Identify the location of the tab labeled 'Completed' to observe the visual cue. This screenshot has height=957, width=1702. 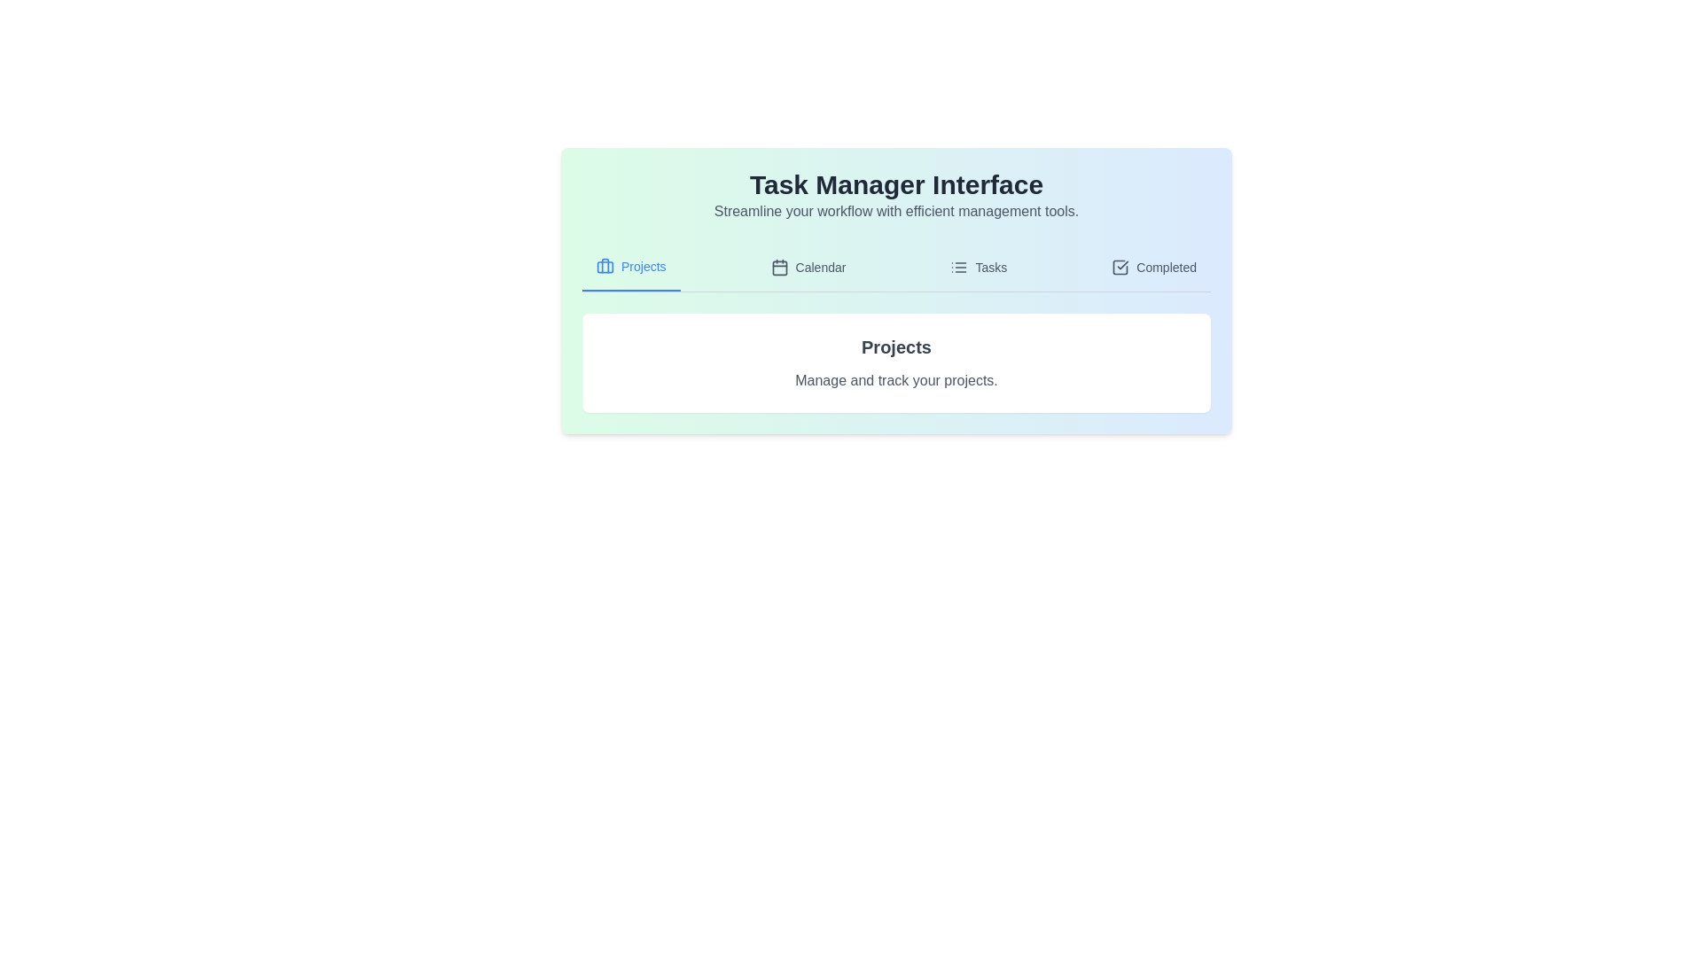
(1153, 267).